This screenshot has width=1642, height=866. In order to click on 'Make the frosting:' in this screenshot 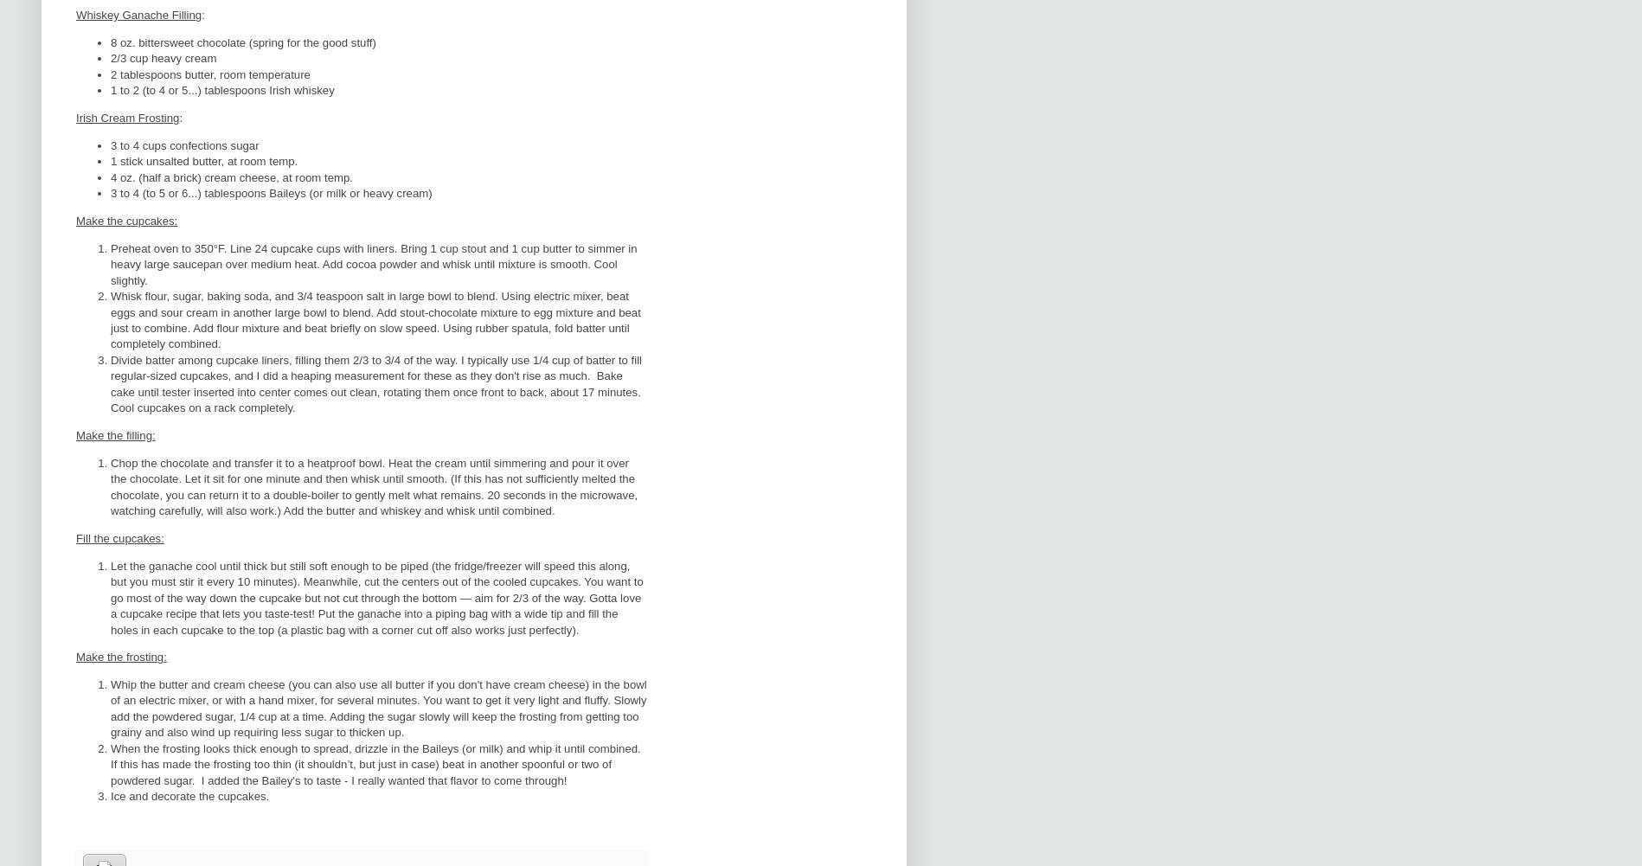, I will do `click(121, 657)`.